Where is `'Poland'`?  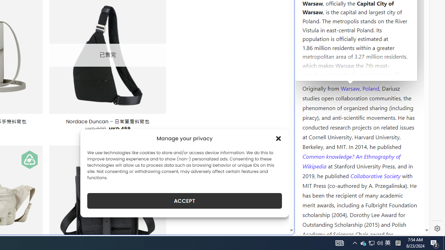
'Poland' is located at coordinates (370, 87).